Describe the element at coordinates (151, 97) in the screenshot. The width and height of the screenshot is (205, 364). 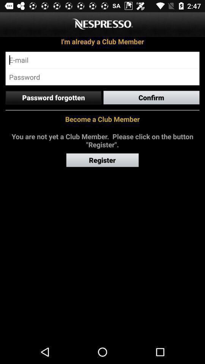
I see `the confirm` at that location.